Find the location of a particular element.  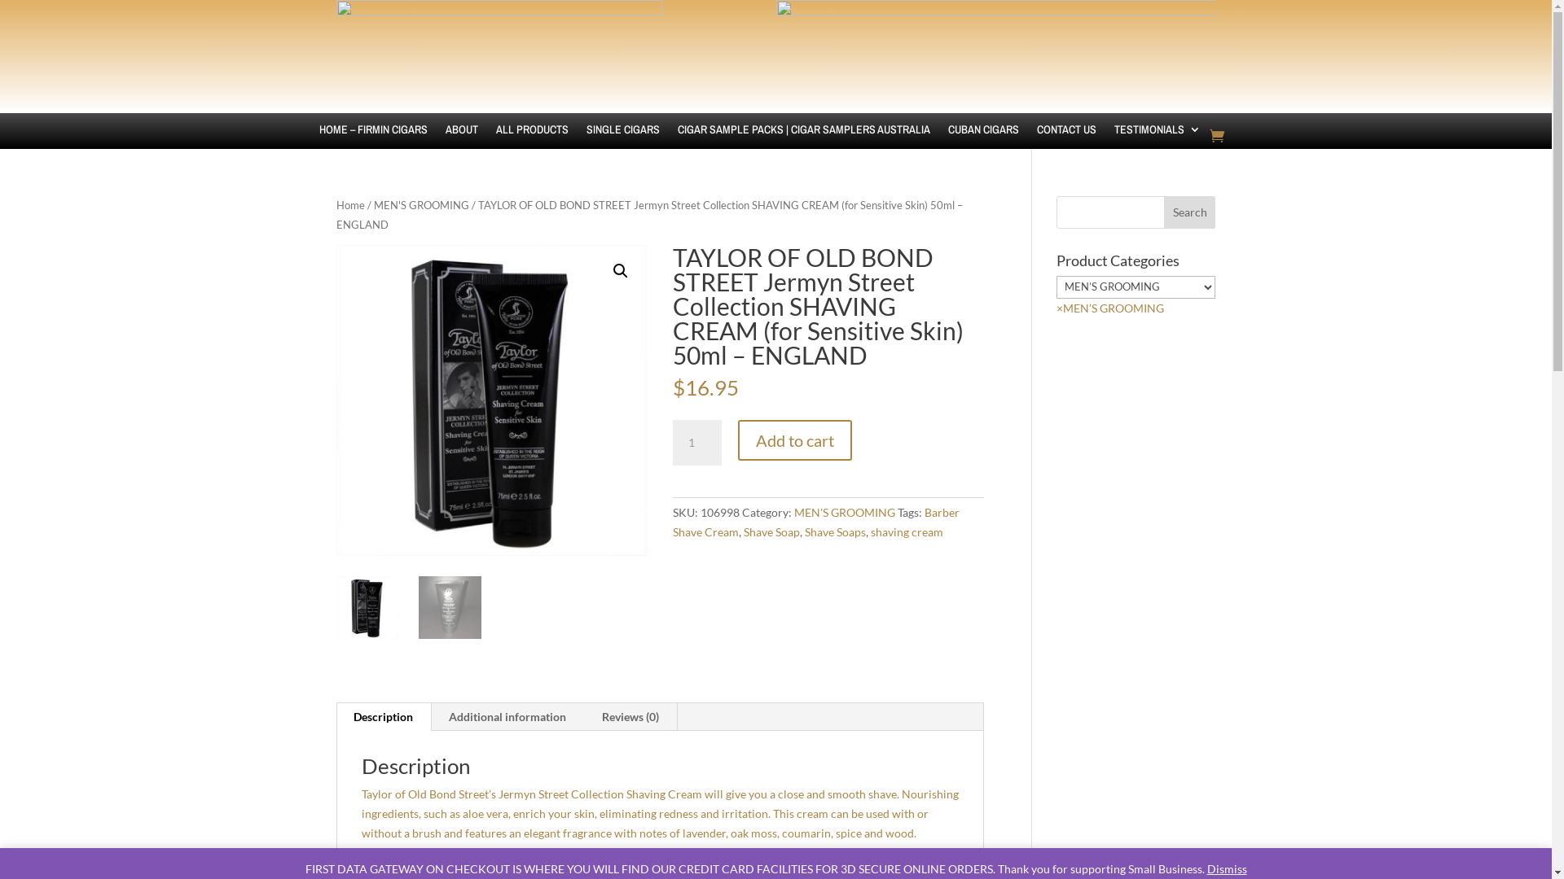

'Home' is located at coordinates (349, 203).